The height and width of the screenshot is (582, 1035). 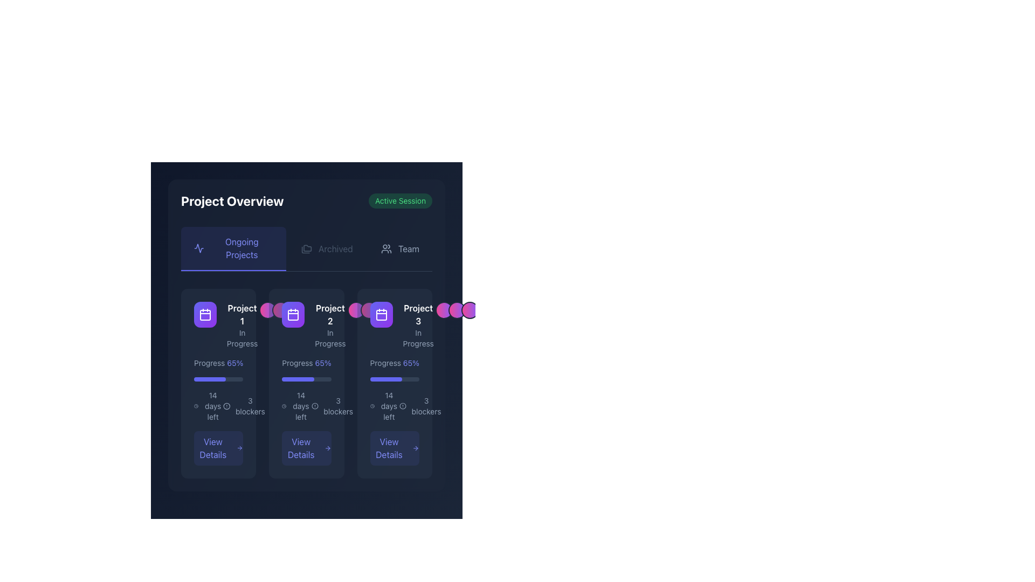 I want to click on the alert icon located to the left of the '3 blockers' text in the 'Project 3' card within the 'Ongoing Projects' section, so click(x=402, y=406).